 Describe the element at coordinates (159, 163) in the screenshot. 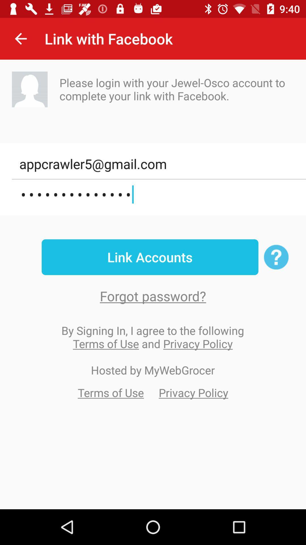

I see `appcrawler5@gmail.com icon` at that location.